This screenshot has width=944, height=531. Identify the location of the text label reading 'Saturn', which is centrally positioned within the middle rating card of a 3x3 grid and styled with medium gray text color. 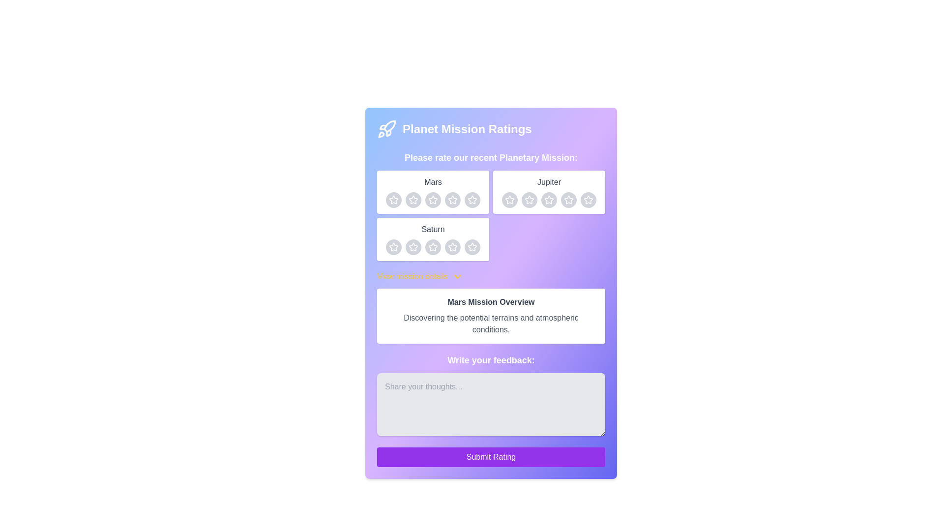
(433, 229).